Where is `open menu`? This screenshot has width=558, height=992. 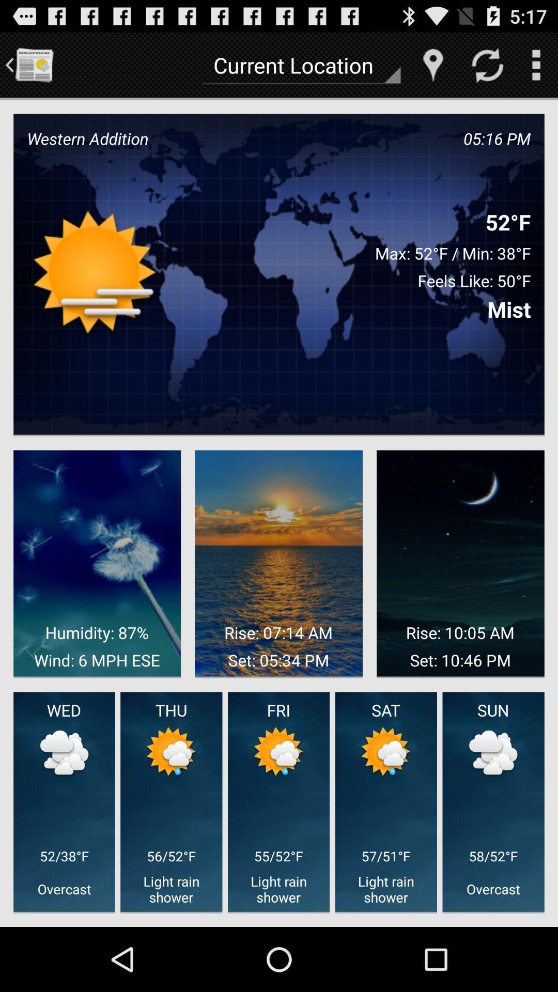
open menu is located at coordinates (535, 64).